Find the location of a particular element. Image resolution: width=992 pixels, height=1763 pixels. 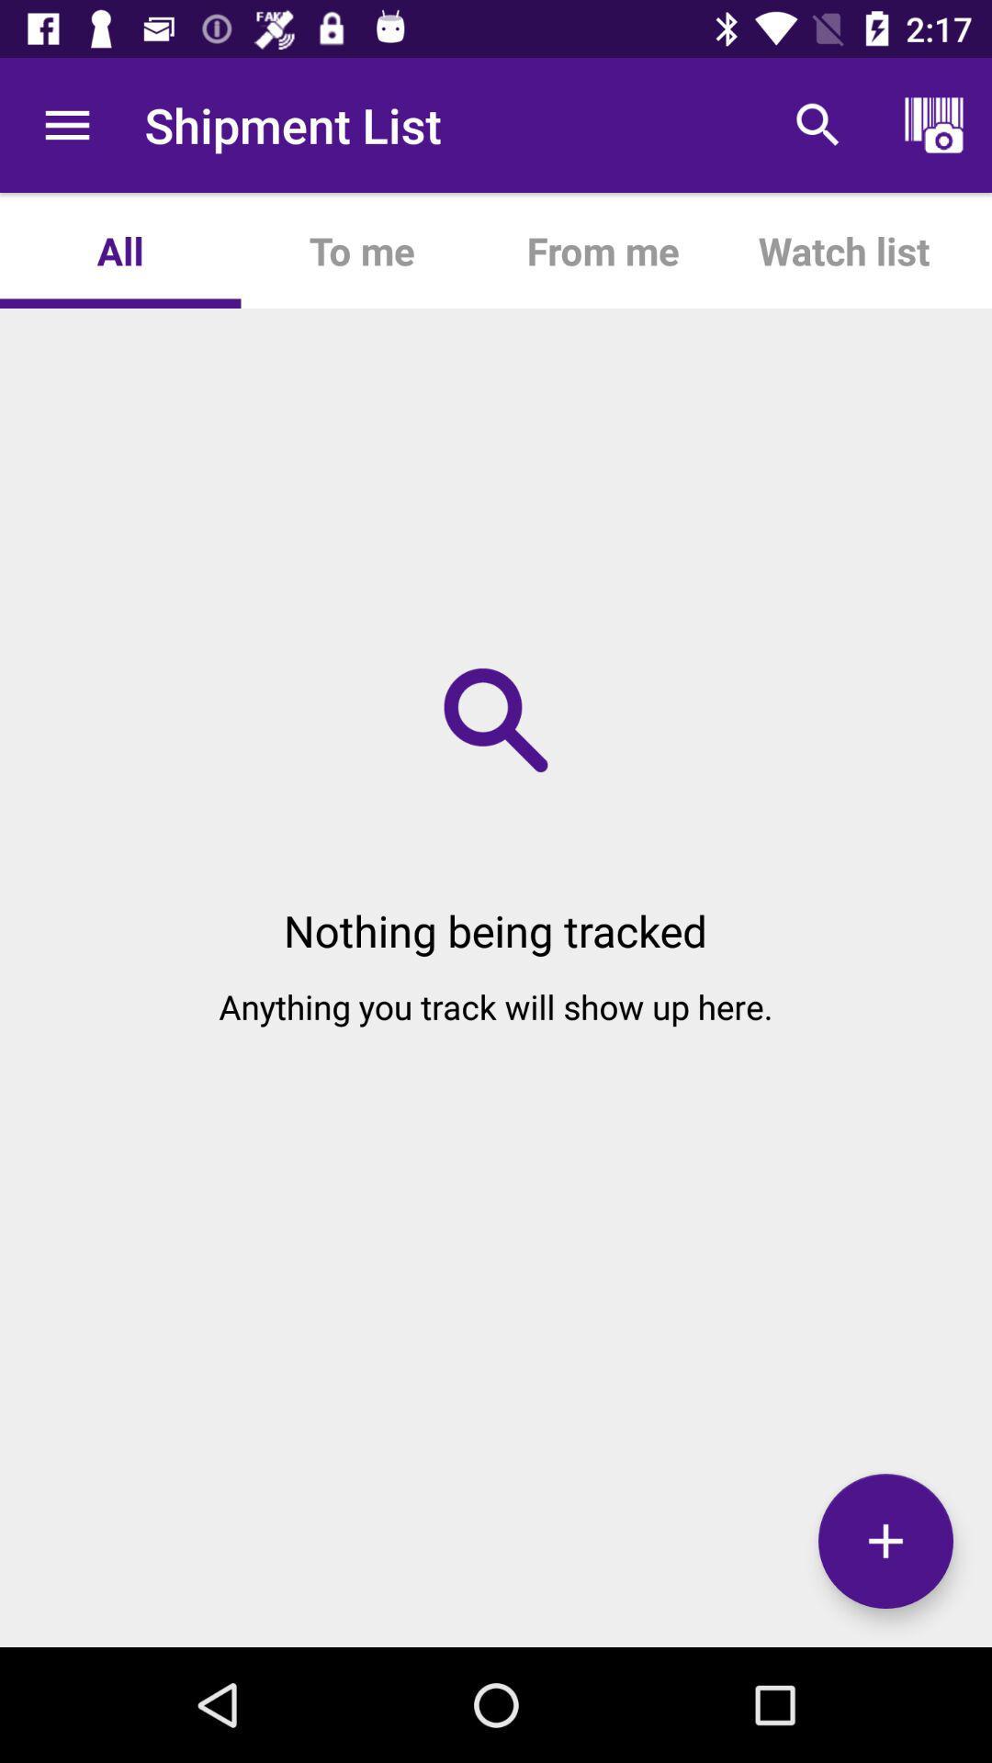

the icon below the shipment list app is located at coordinates (361, 250).